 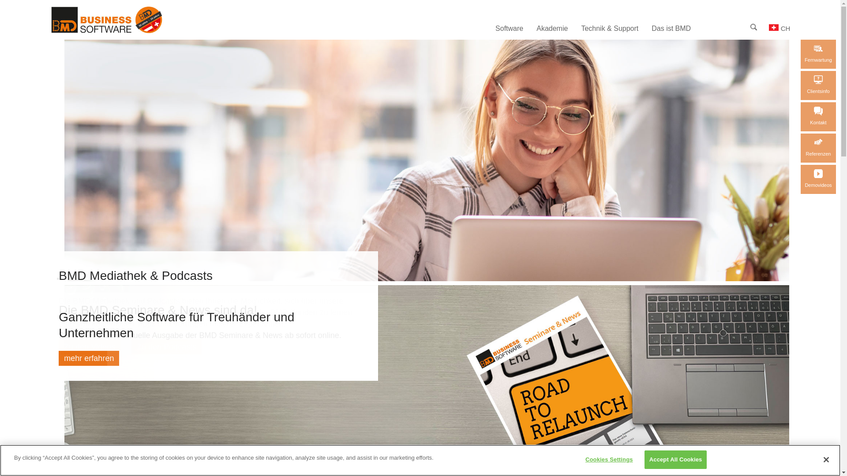 What do you see at coordinates (817, 54) in the screenshot?
I see `'Fernwartung'` at bounding box center [817, 54].